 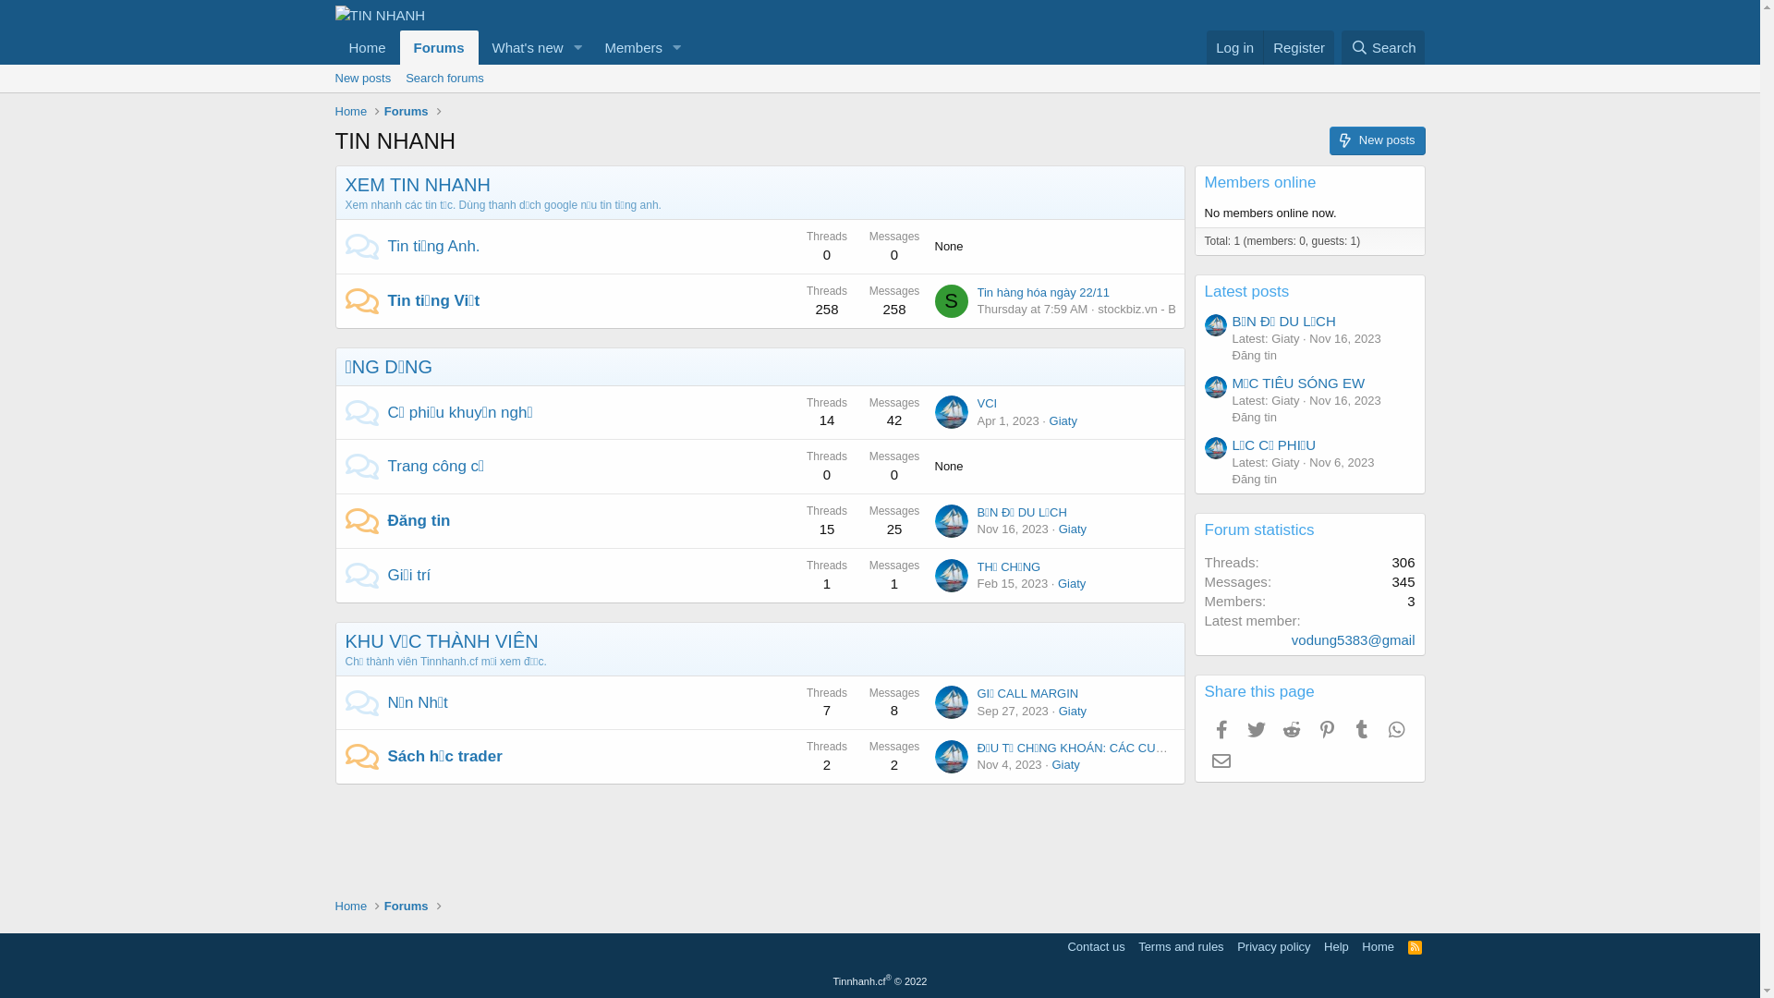 What do you see at coordinates (1353, 639) in the screenshot?
I see `'vodung5383@gmail'` at bounding box center [1353, 639].